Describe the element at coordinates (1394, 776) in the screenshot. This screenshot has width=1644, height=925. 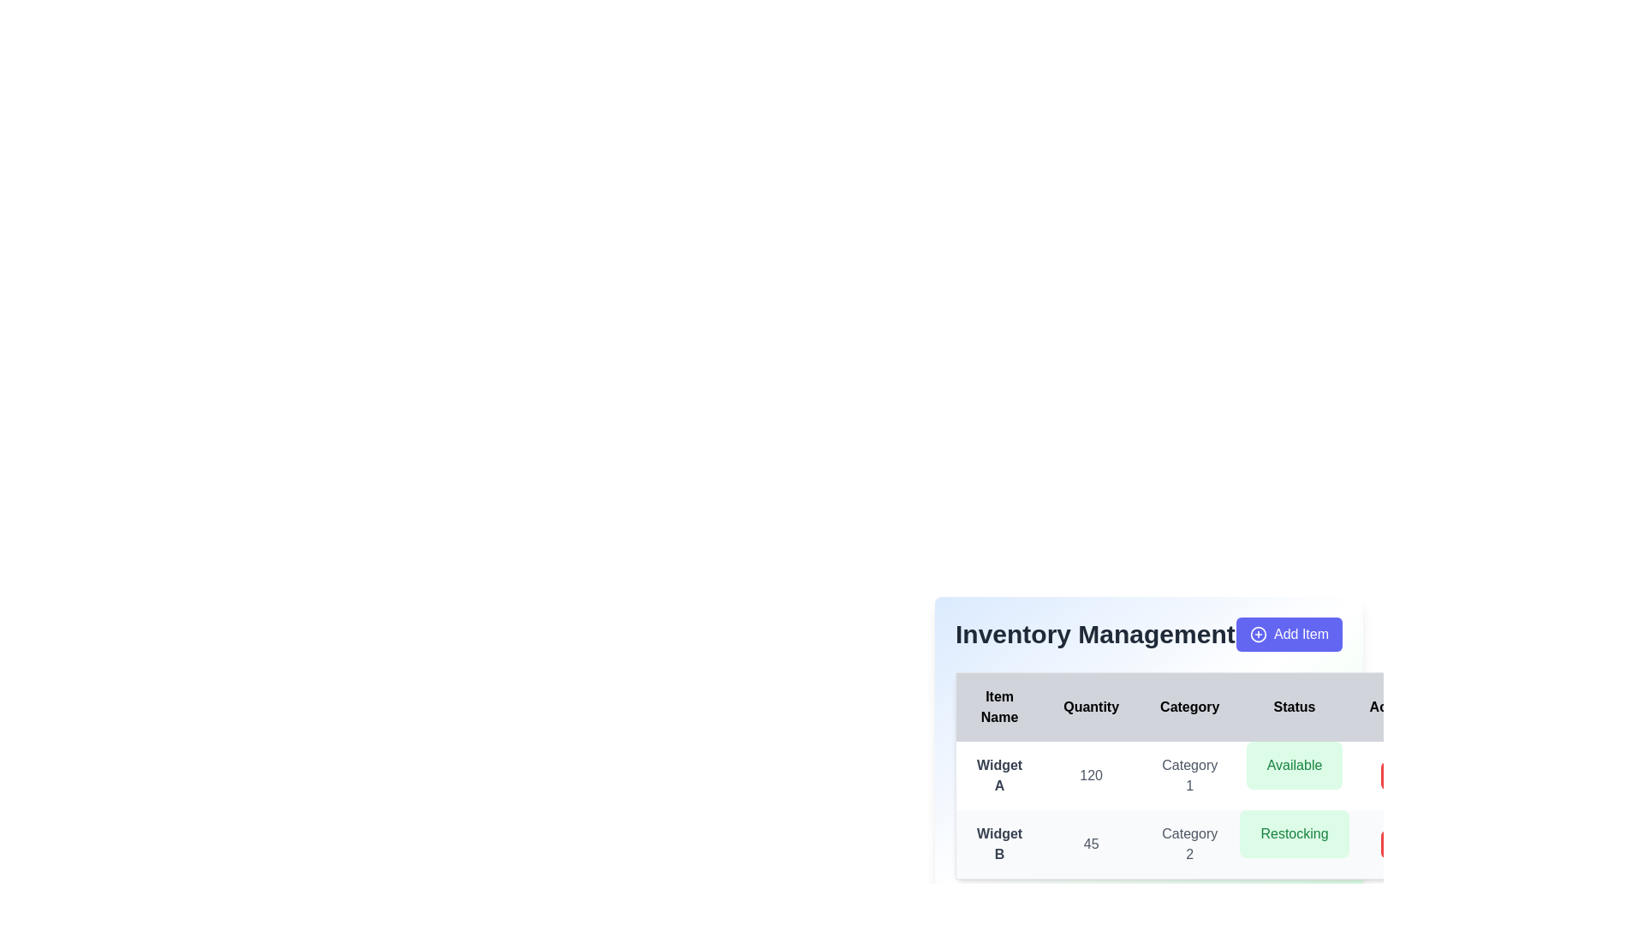
I see `the delete button in the 'Actions' column of the table to initiate the delete action for 'Widget A'` at that location.